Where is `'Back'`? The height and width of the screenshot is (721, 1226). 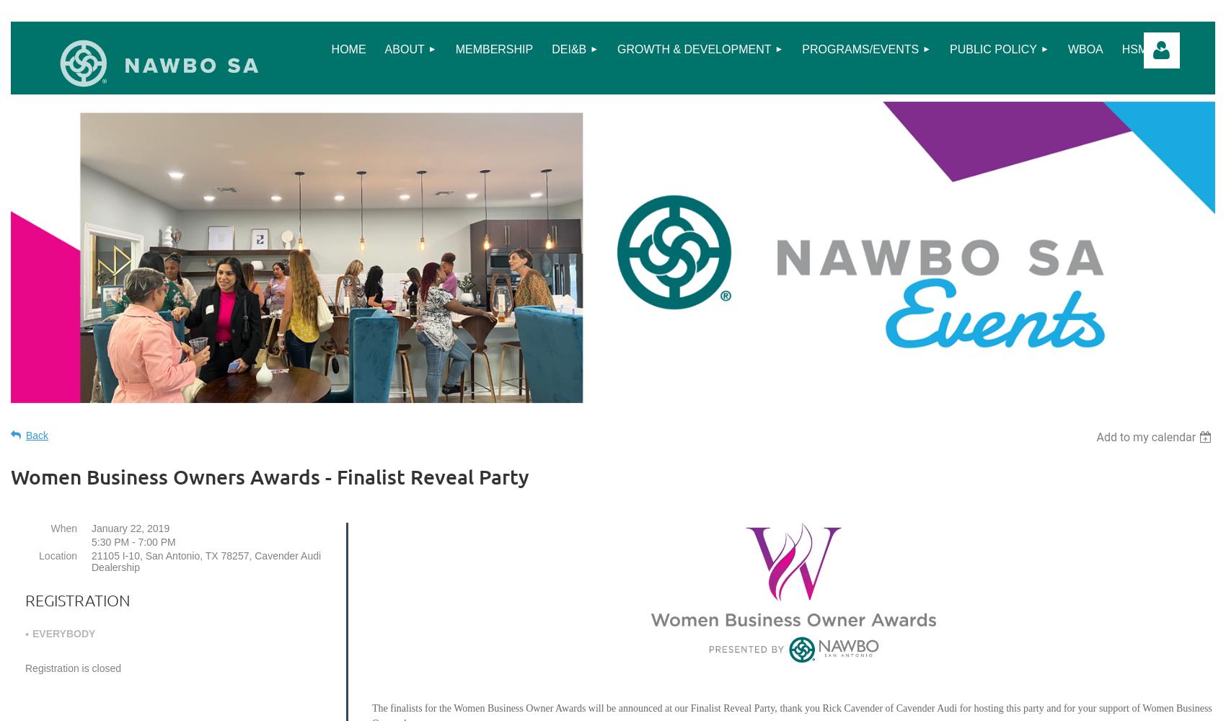 'Back' is located at coordinates (37, 435).